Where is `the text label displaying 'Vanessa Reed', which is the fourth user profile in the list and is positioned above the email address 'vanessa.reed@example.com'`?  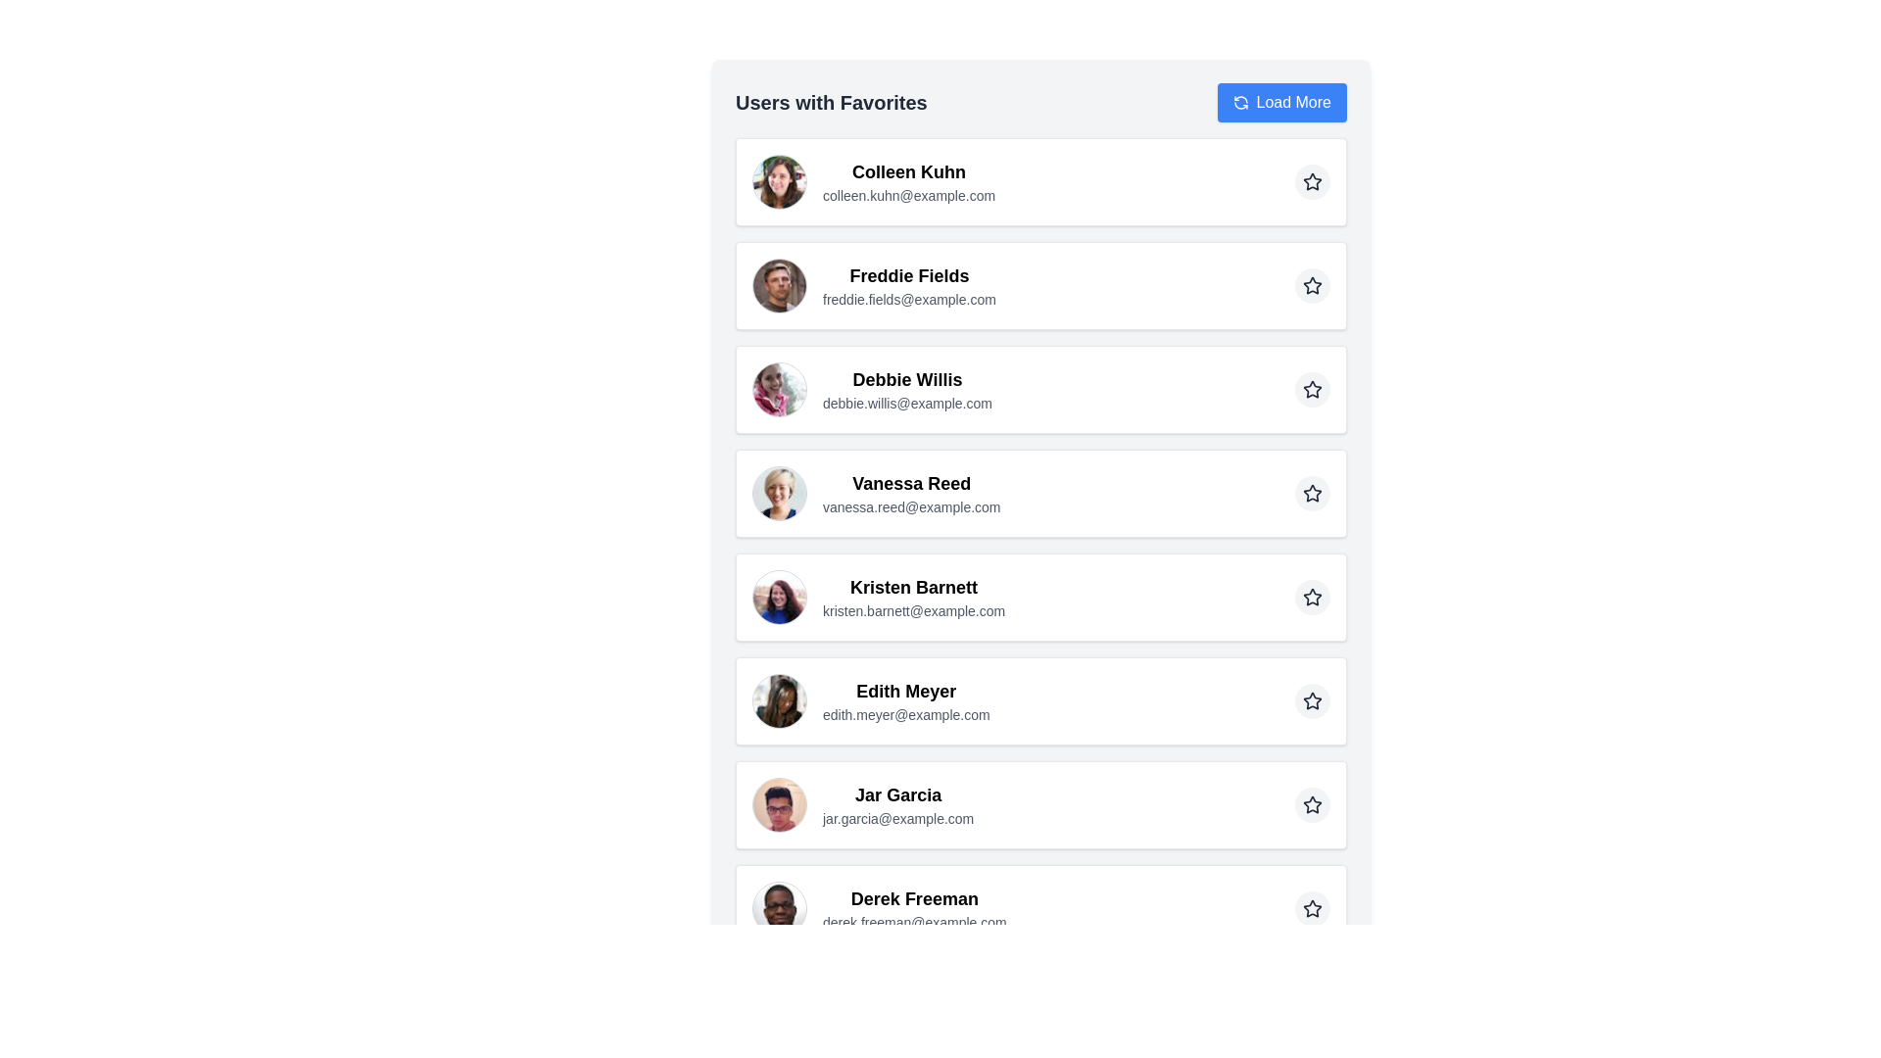
the text label displaying 'Vanessa Reed', which is the fourth user profile in the list and is positioned above the email address 'vanessa.reed@example.com' is located at coordinates (910, 483).